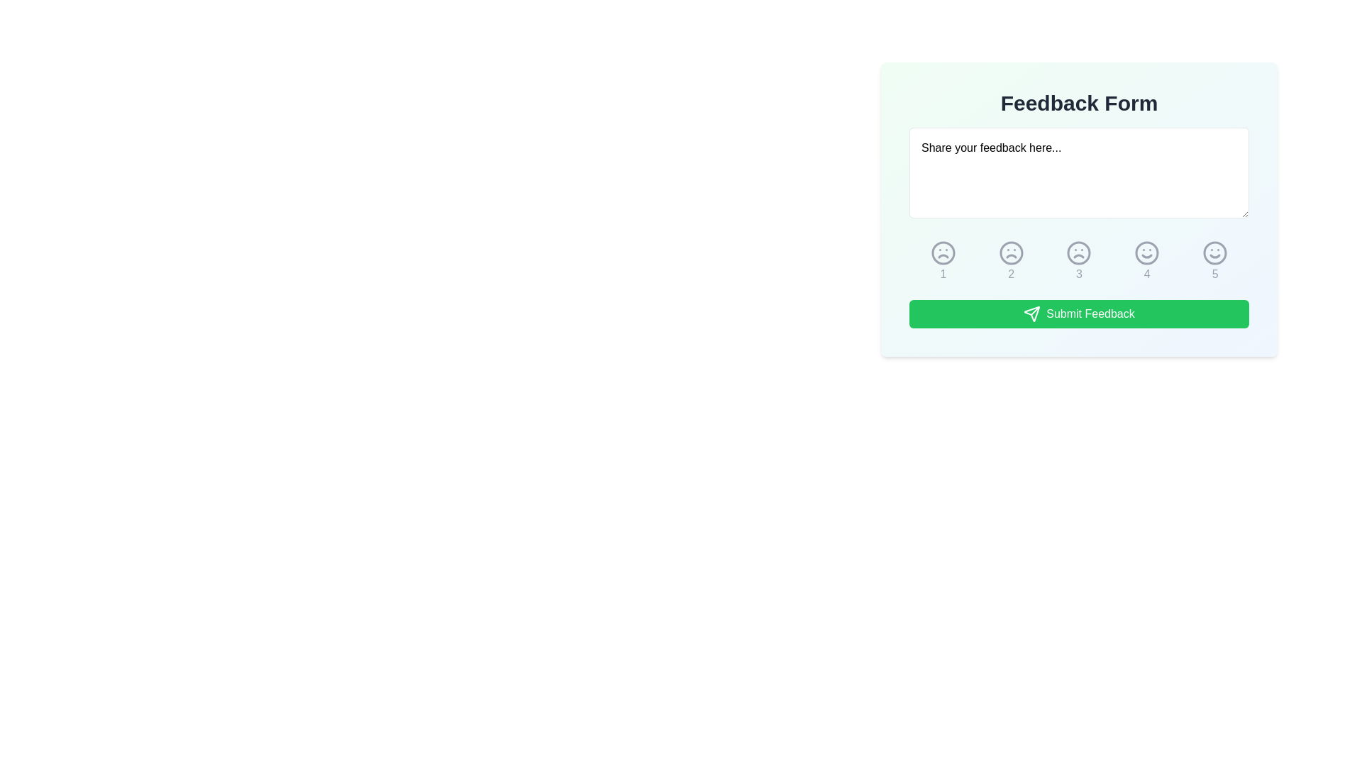  I want to click on the 'Submit Feedback' button that features the icon graphic on its right side, so click(1032, 313).